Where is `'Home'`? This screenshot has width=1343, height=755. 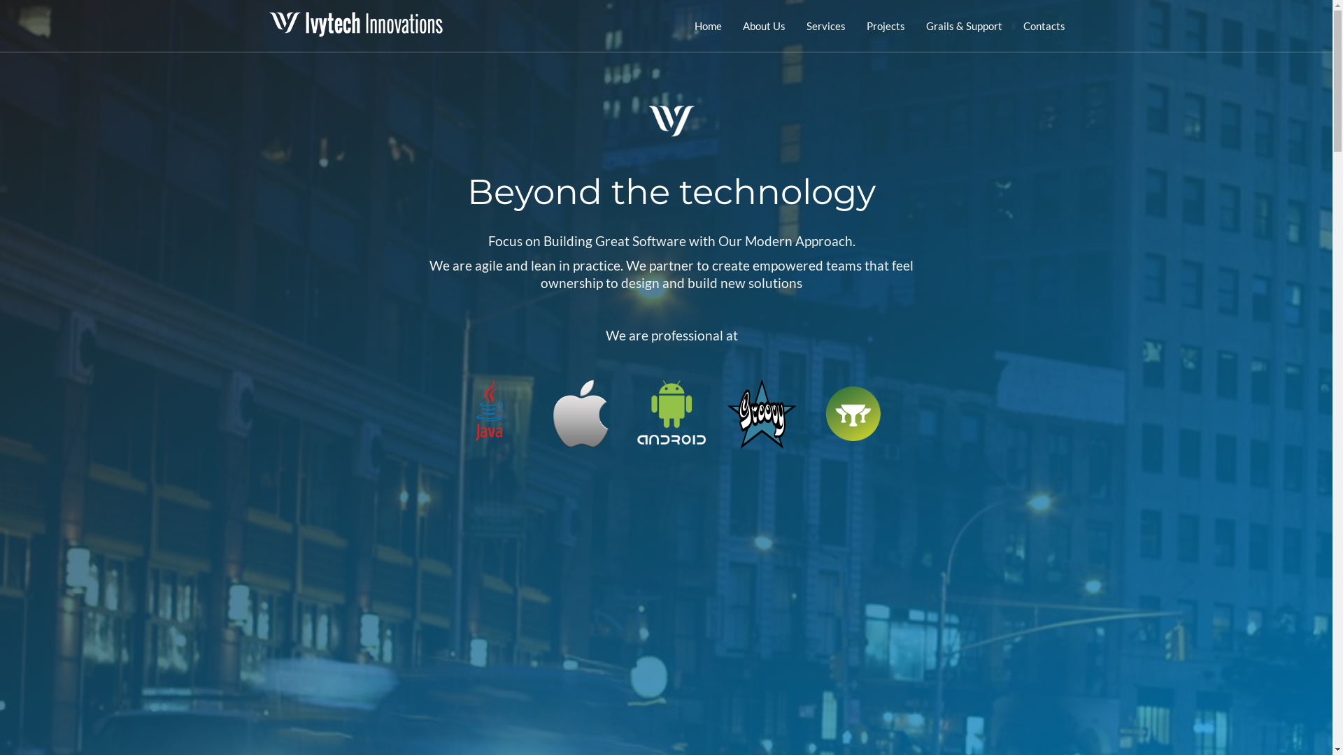
'Home' is located at coordinates (708, 26).